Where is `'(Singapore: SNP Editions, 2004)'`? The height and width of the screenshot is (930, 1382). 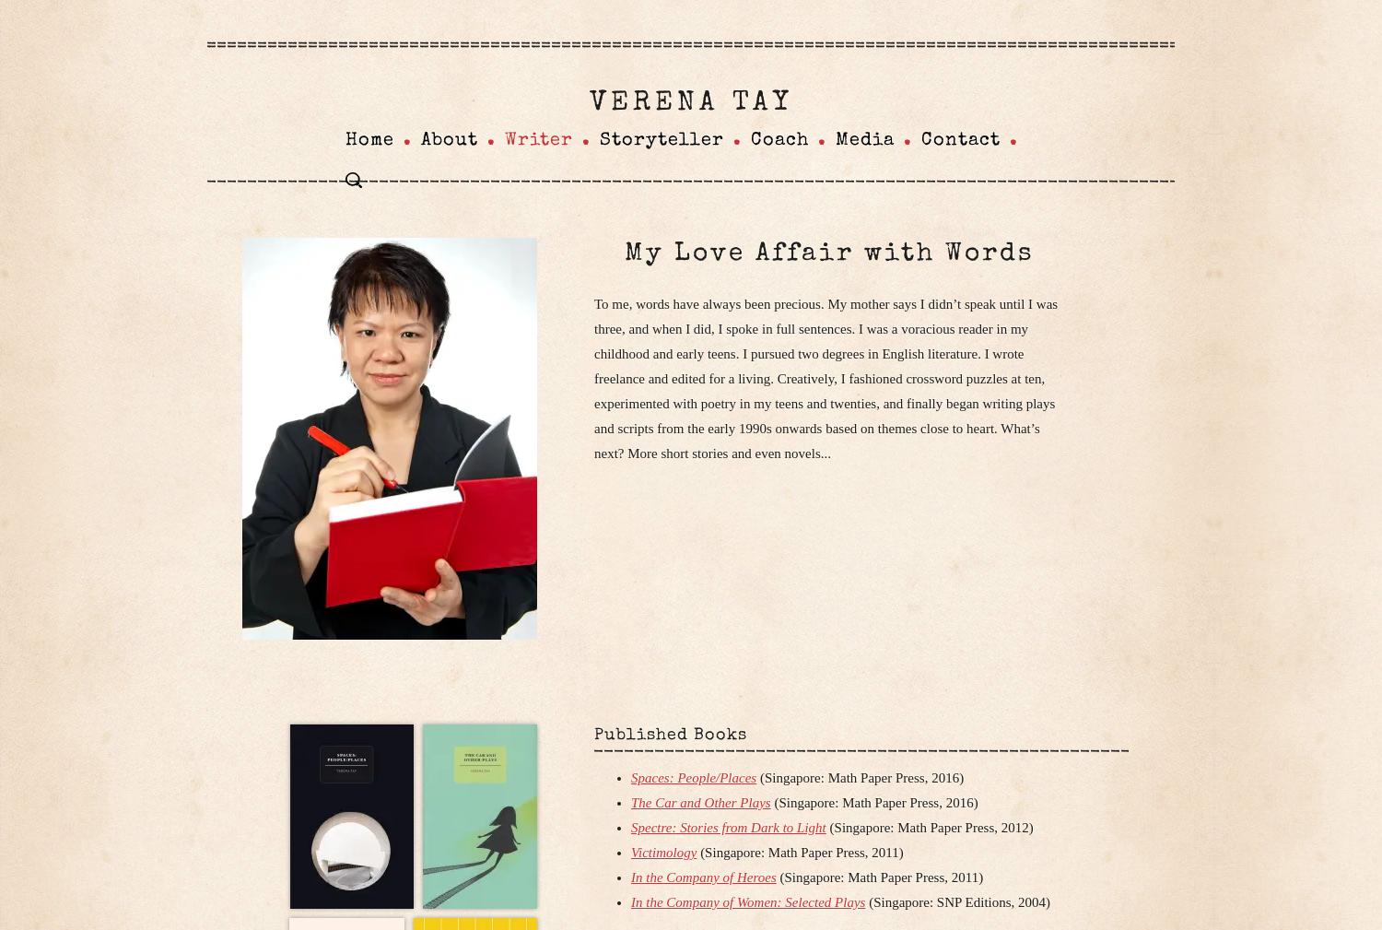
'(Singapore: SNP Editions, 2004)' is located at coordinates (957, 902).